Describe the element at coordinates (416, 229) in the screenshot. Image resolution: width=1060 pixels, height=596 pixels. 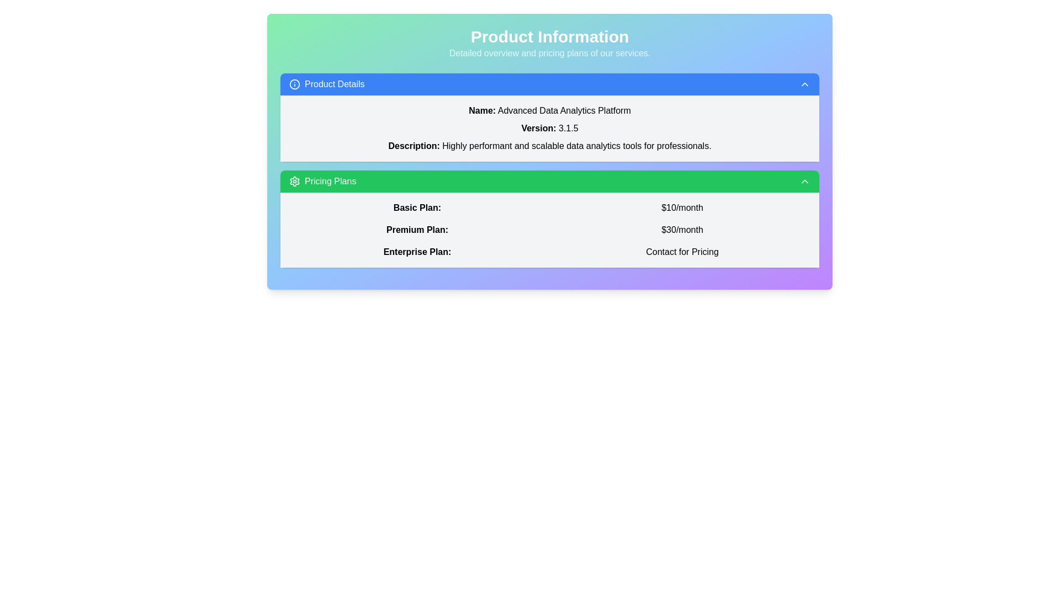
I see `the text label displaying 'Premium Plan:' which is styled with bold, black font on a light gray background, located in the 'Pricing Plans' section` at that location.